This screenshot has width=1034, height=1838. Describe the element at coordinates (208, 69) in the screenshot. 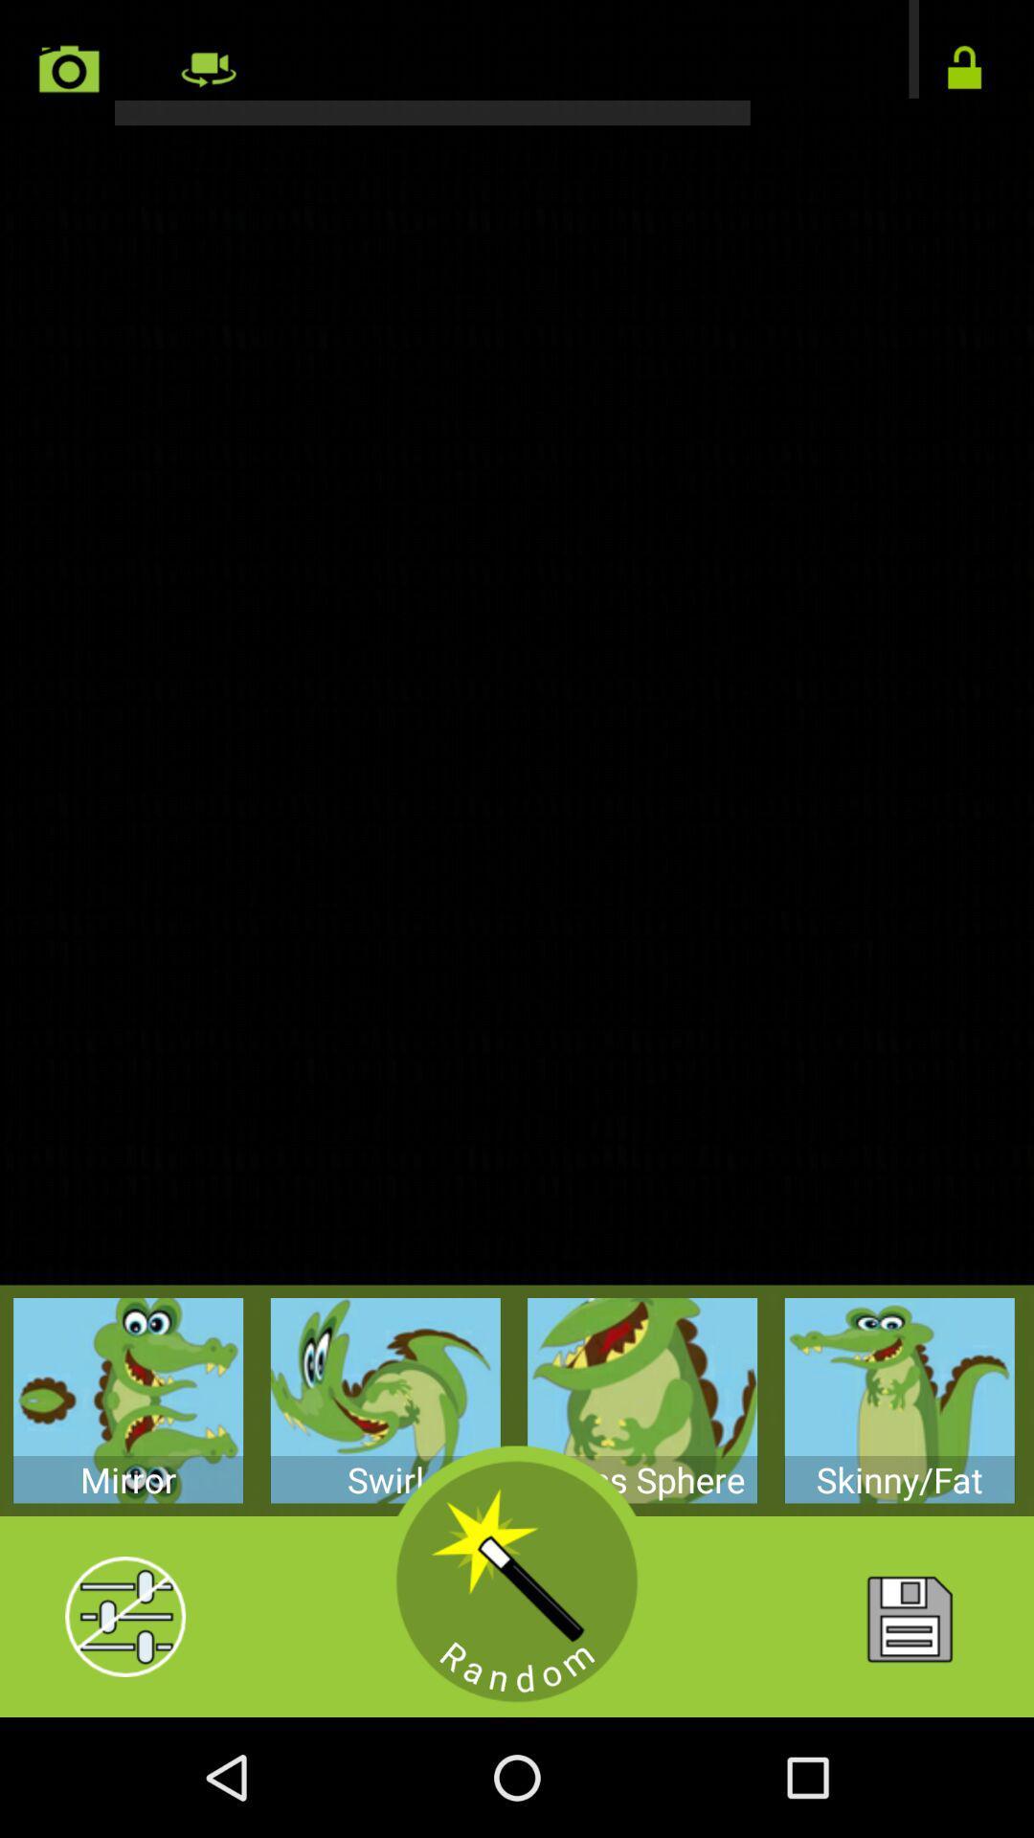

I see `switch to front facing camera` at that location.